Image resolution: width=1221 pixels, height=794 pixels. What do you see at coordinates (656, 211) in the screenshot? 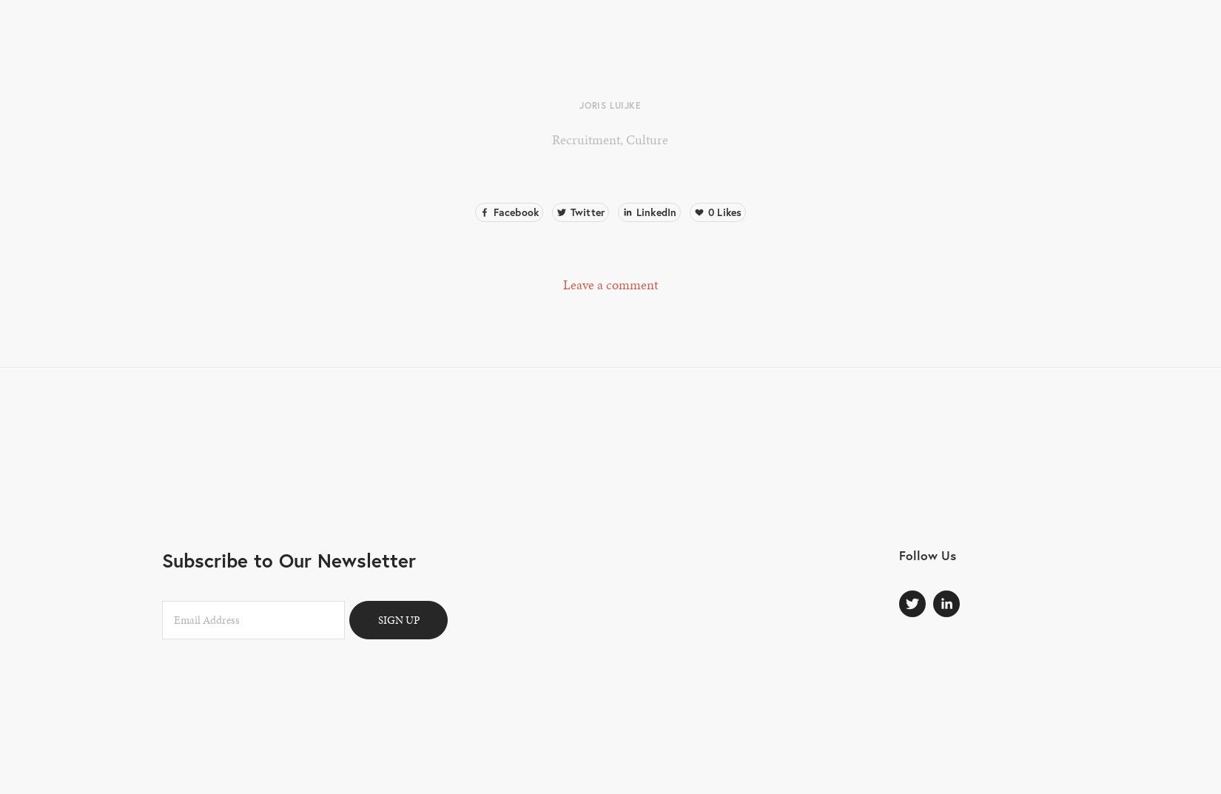
I see `'LinkedIn'` at bounding box center [656, 211].